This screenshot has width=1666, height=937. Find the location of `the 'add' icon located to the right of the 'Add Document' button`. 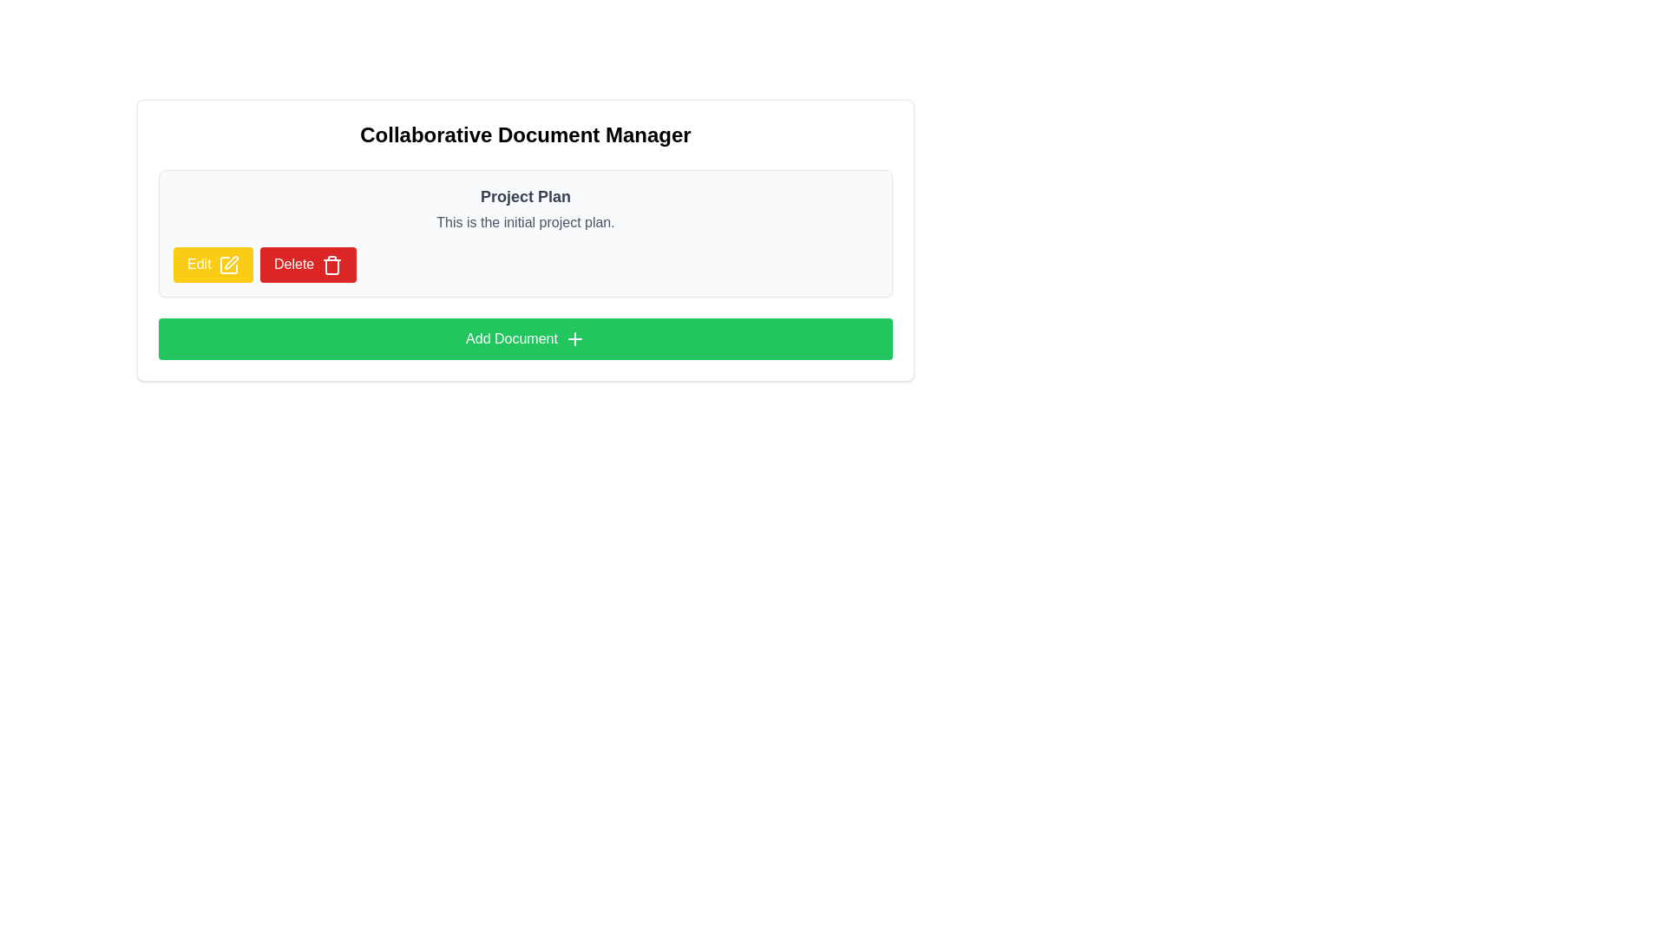

the 'add' icon located to the right of the 'Add Document' button is located at coordinates (574, 338).